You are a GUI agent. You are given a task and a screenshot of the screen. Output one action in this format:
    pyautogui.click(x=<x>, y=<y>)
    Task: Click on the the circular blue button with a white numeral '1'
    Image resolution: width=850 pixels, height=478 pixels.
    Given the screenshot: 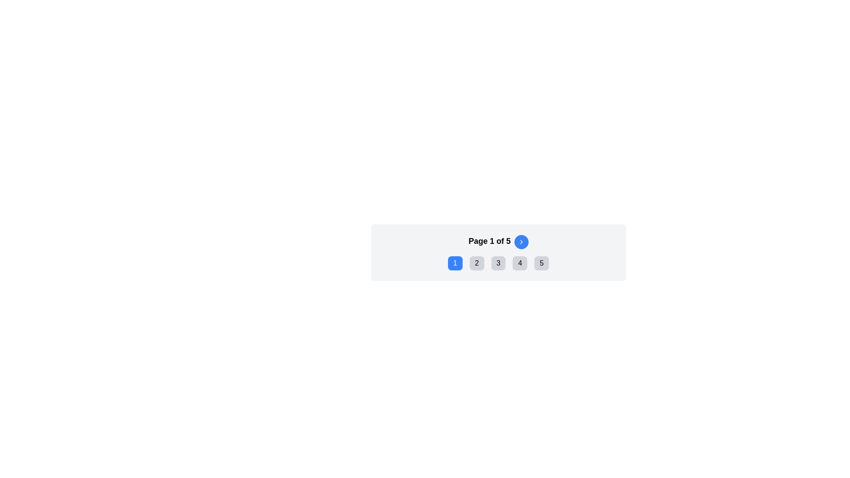 What is the action you would take?
    pyautogui.click(x=455, y=262)
    